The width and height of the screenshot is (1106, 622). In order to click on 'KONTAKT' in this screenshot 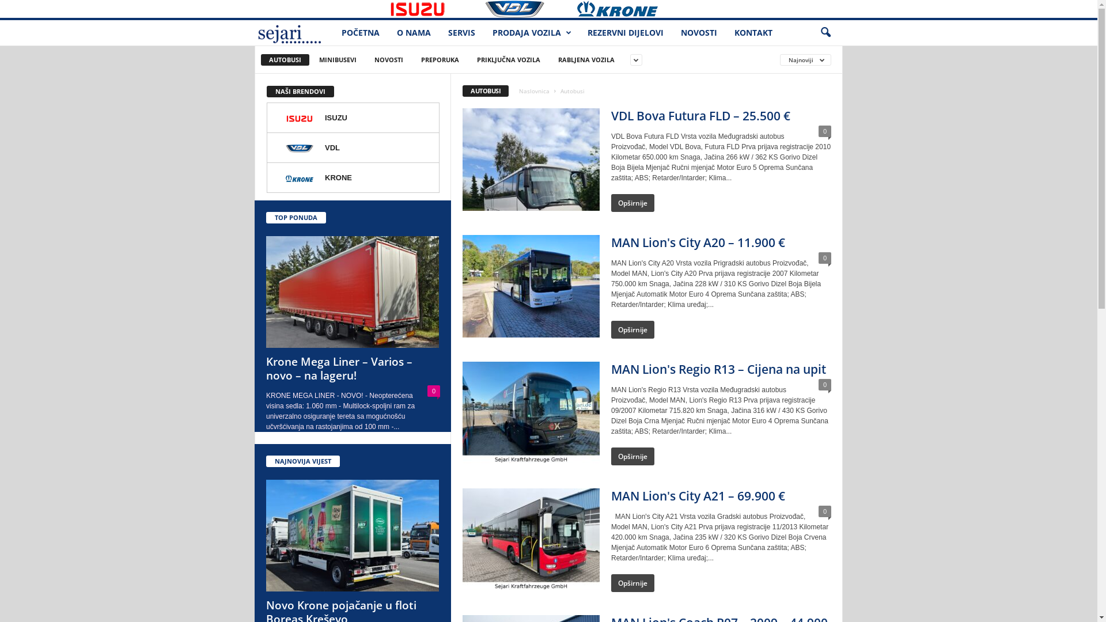, I will do `click(725, 32)`.